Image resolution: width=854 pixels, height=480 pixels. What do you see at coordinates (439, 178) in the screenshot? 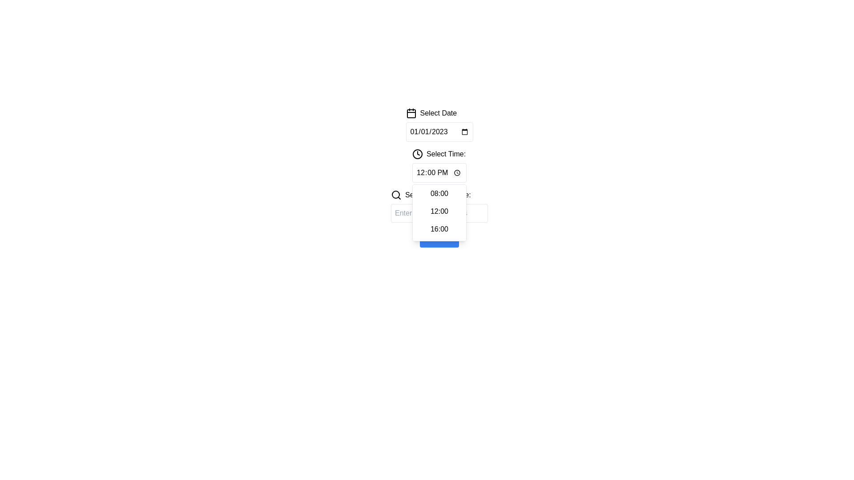
I see `the options in the Dropdown menu located at the center of the modal window, directly underneath the 'Select Time:' label and clock icon` at bounding box center [439, 178].